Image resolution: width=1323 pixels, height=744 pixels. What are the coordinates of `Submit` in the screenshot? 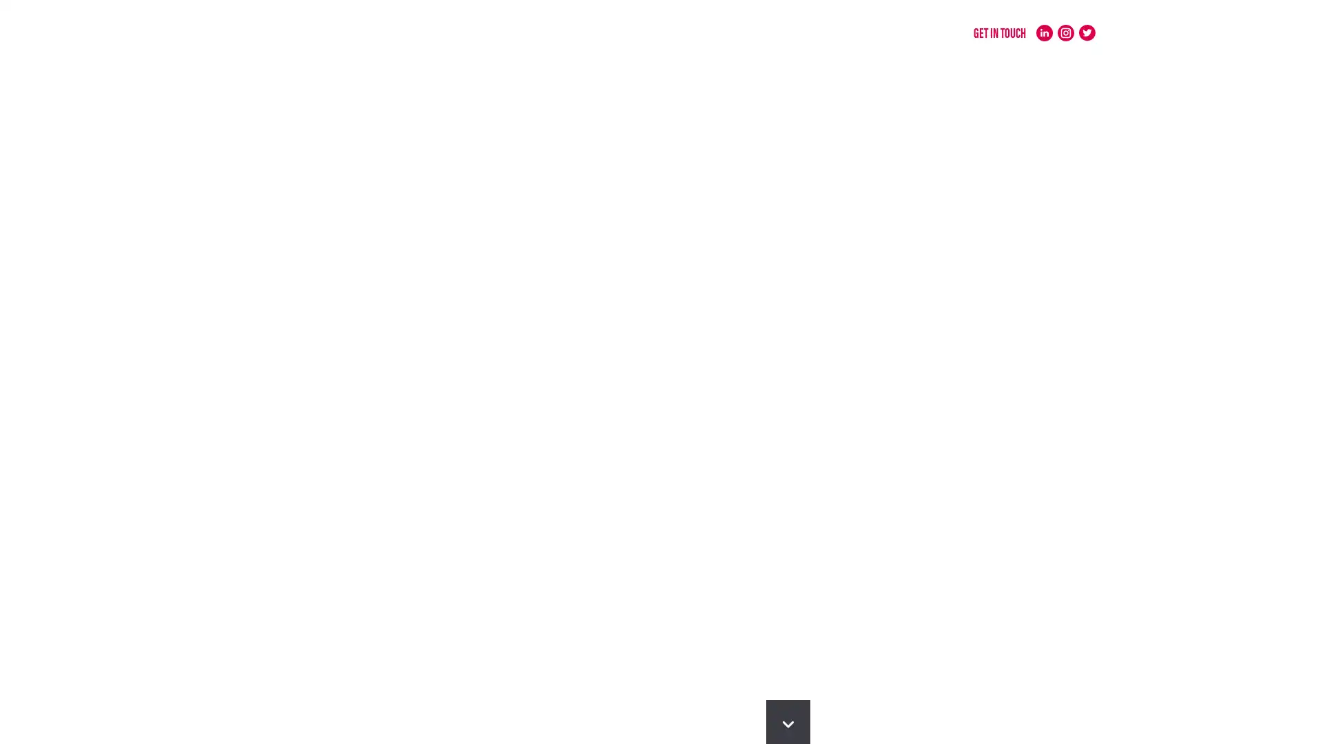 It's located at (794, 344).